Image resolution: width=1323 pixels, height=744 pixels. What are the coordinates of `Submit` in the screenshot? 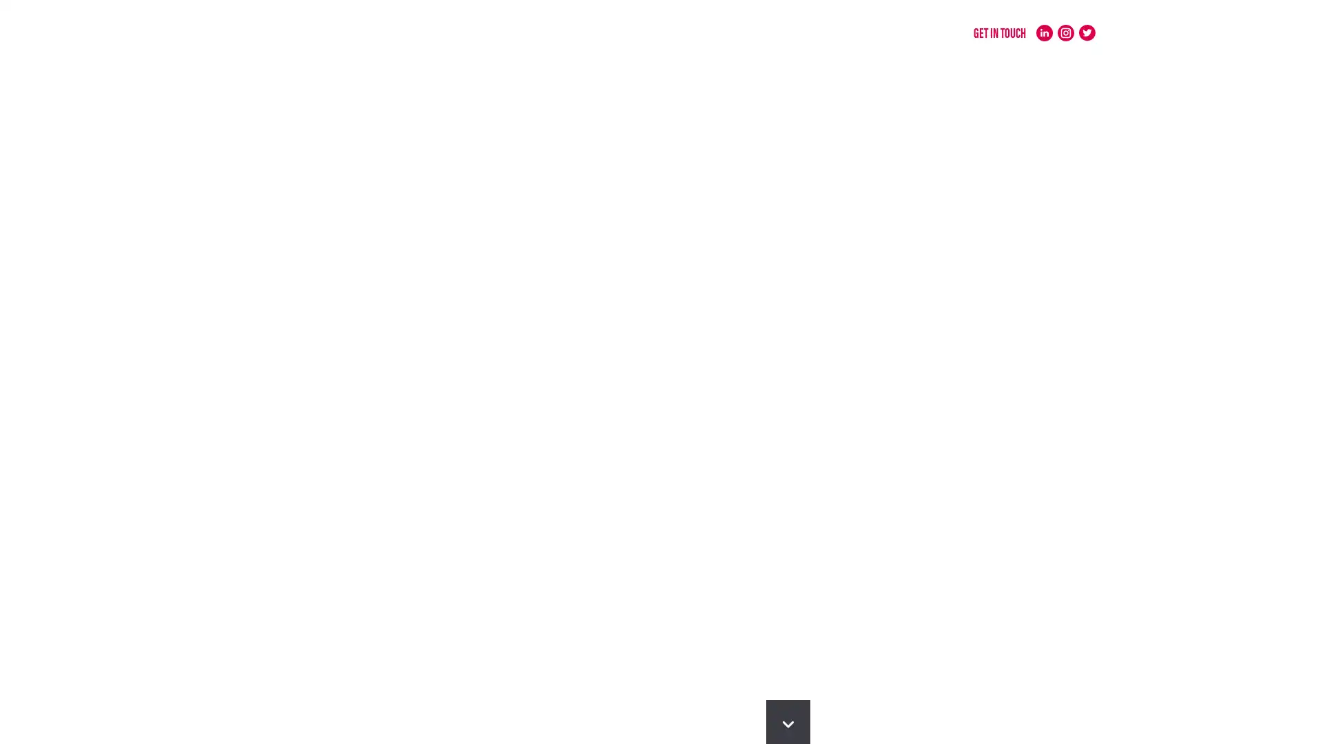 It's located at (794, 344).